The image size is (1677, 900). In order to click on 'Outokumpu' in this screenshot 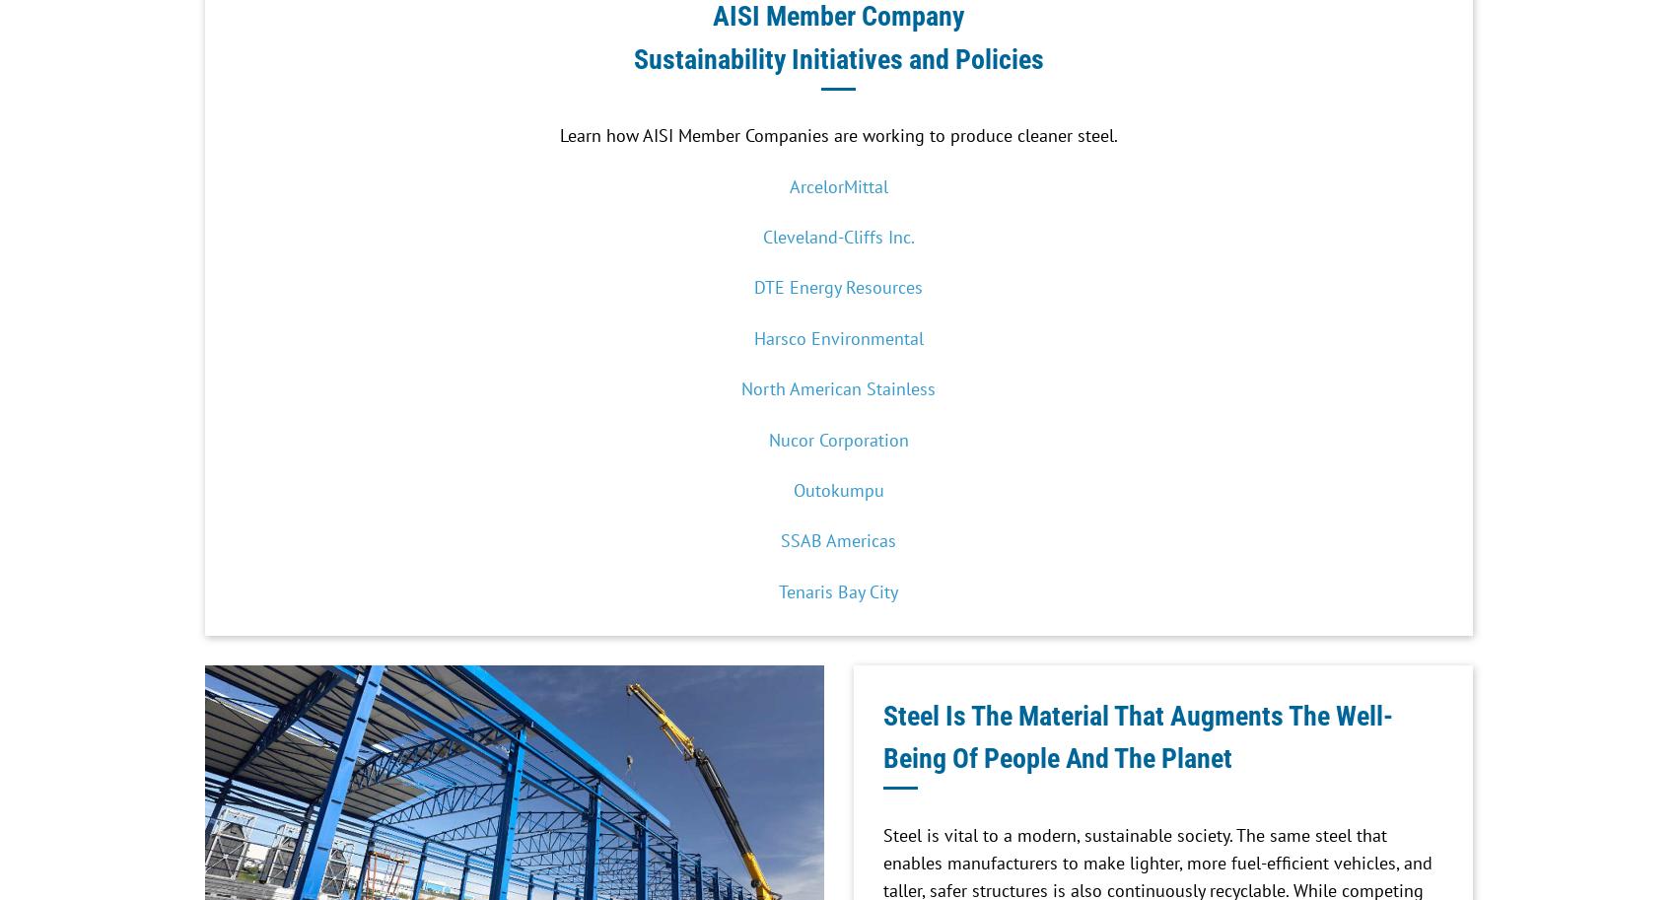, I will do `click(837, 488)`.